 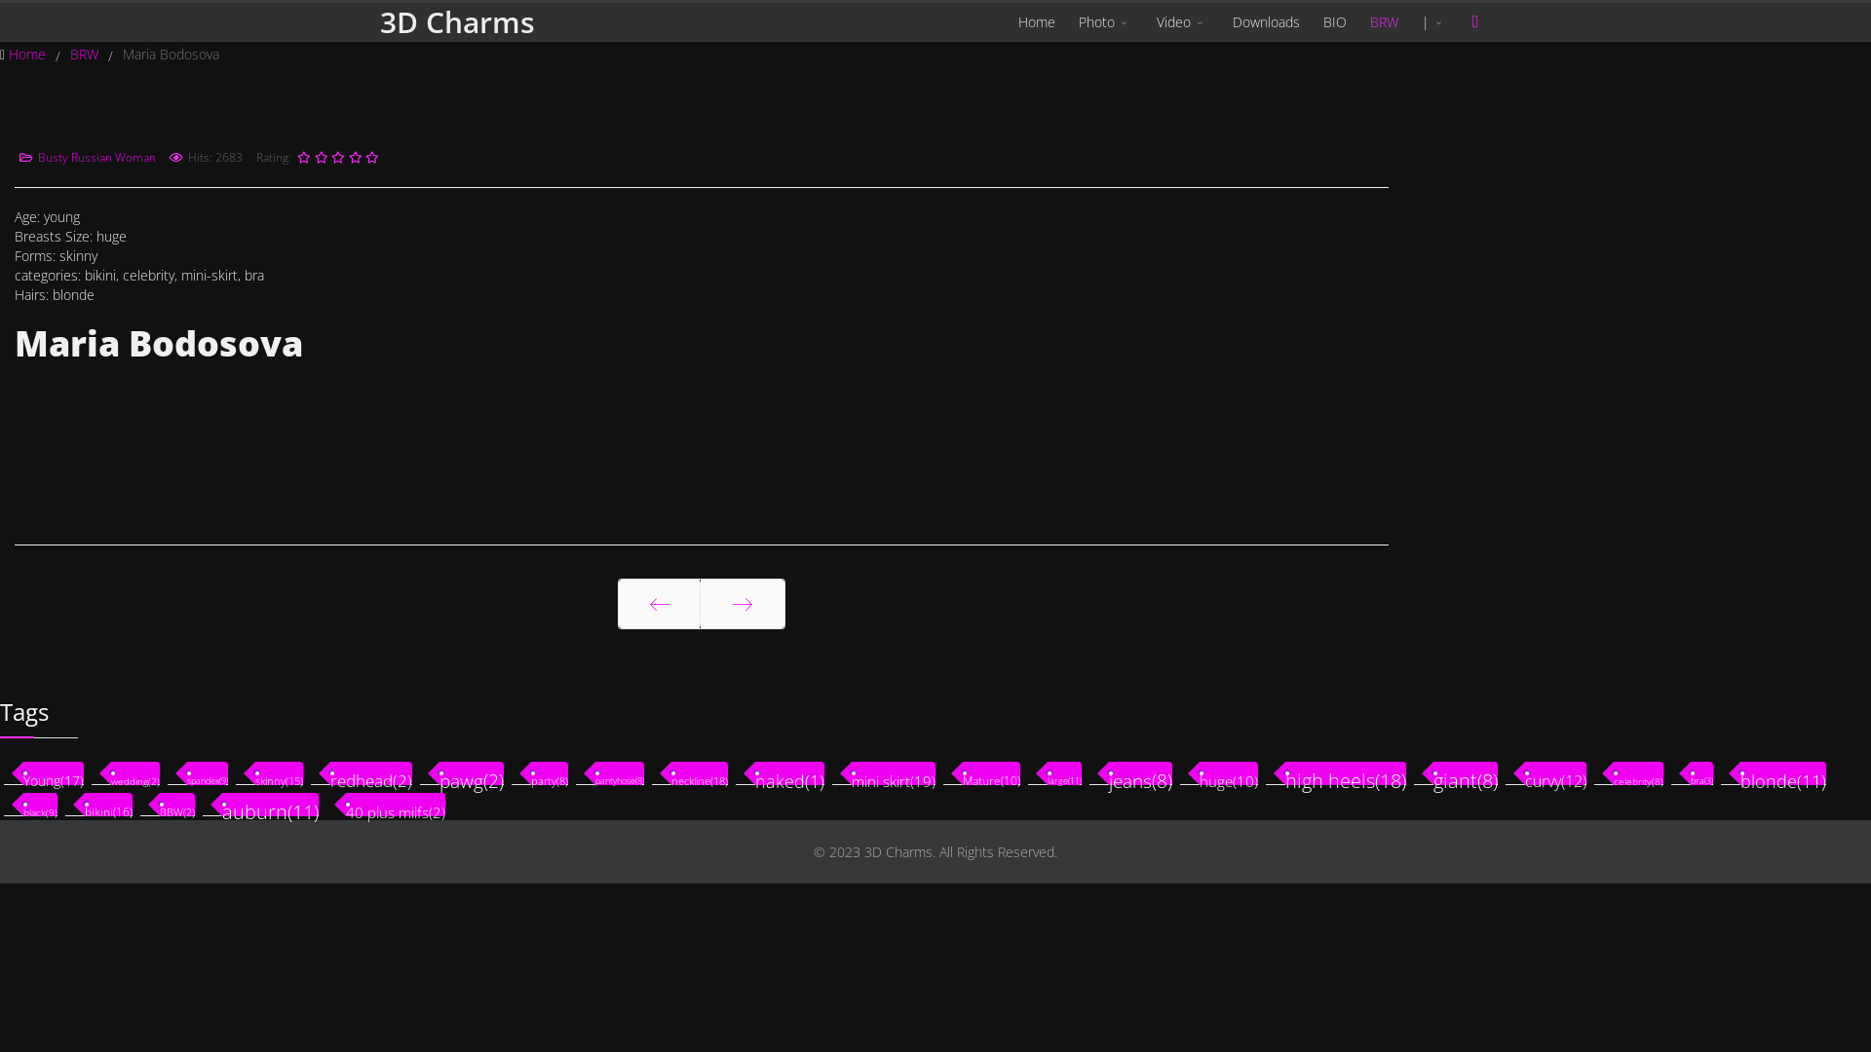 What do you see at coordinates (85, 53) in the screenshot?
I see `'BRW'` at bounding box center [85, 53].